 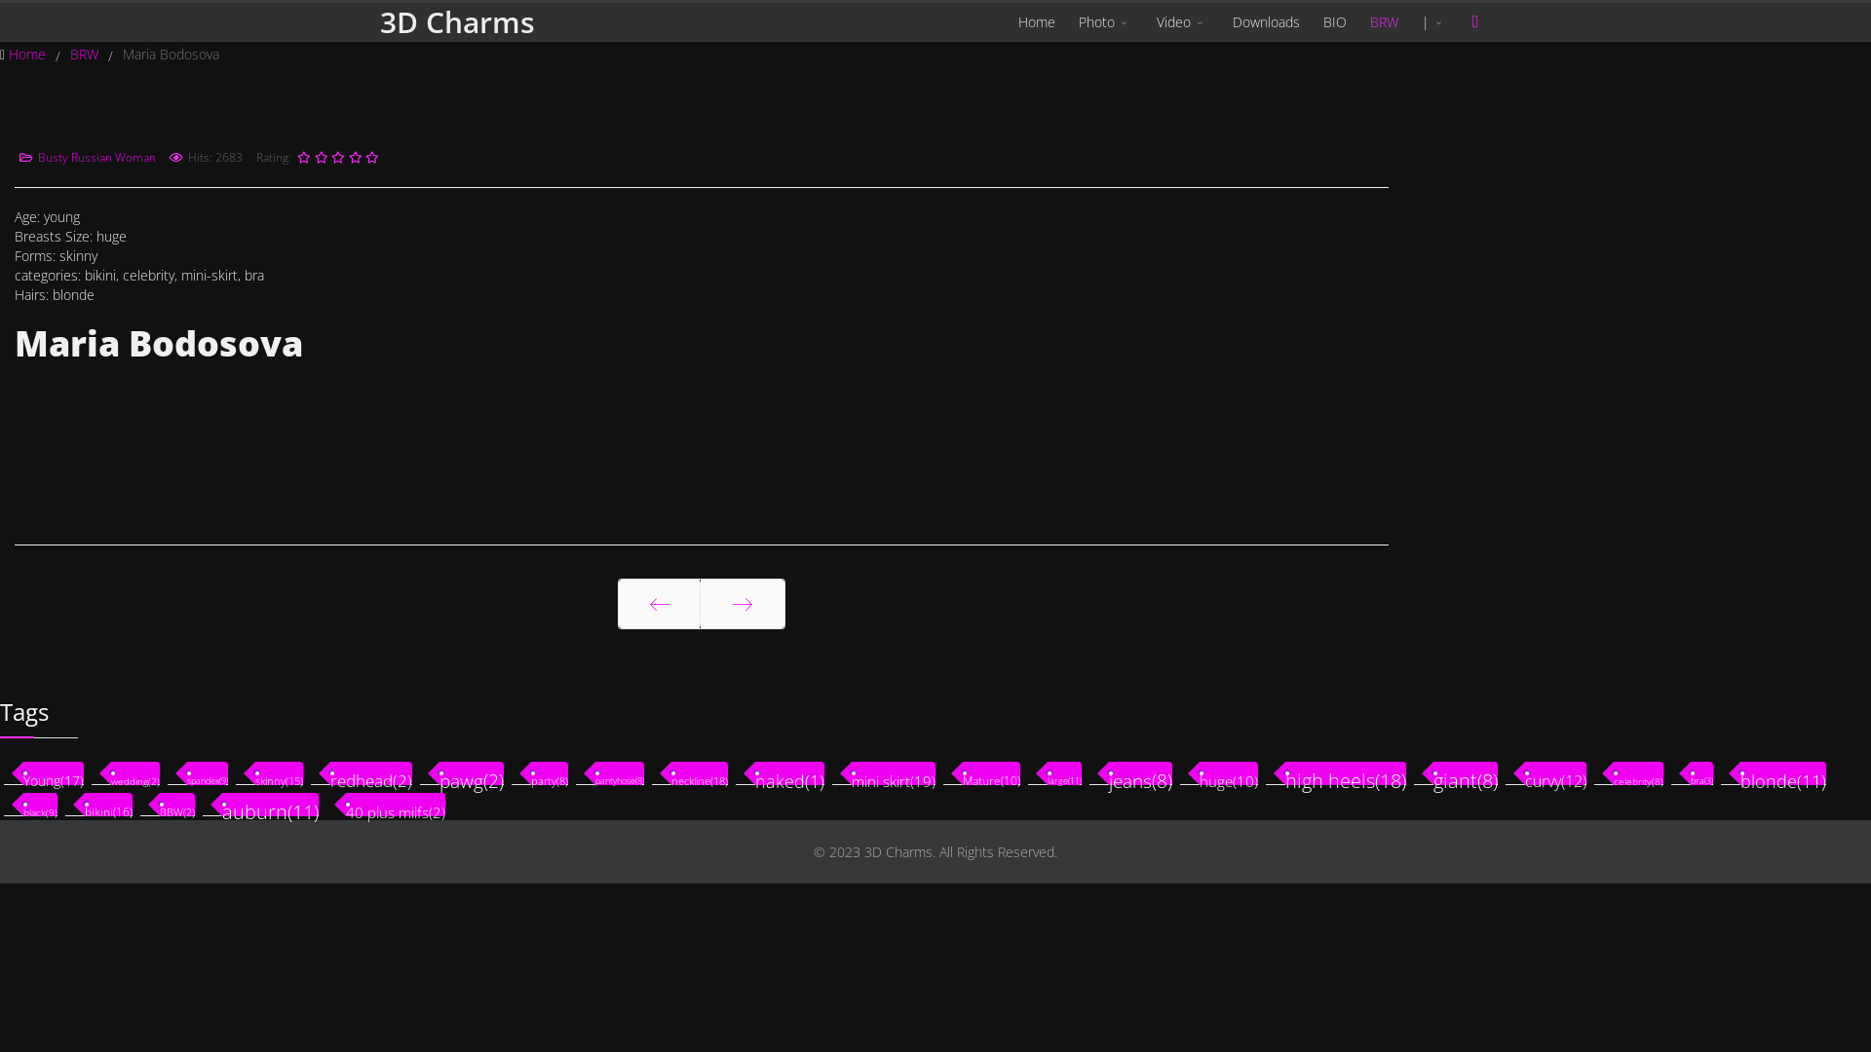 What do you see at coordinates (85, 53) in the screenshot?
I see `'BRW'` at bounding box center [85, 53].